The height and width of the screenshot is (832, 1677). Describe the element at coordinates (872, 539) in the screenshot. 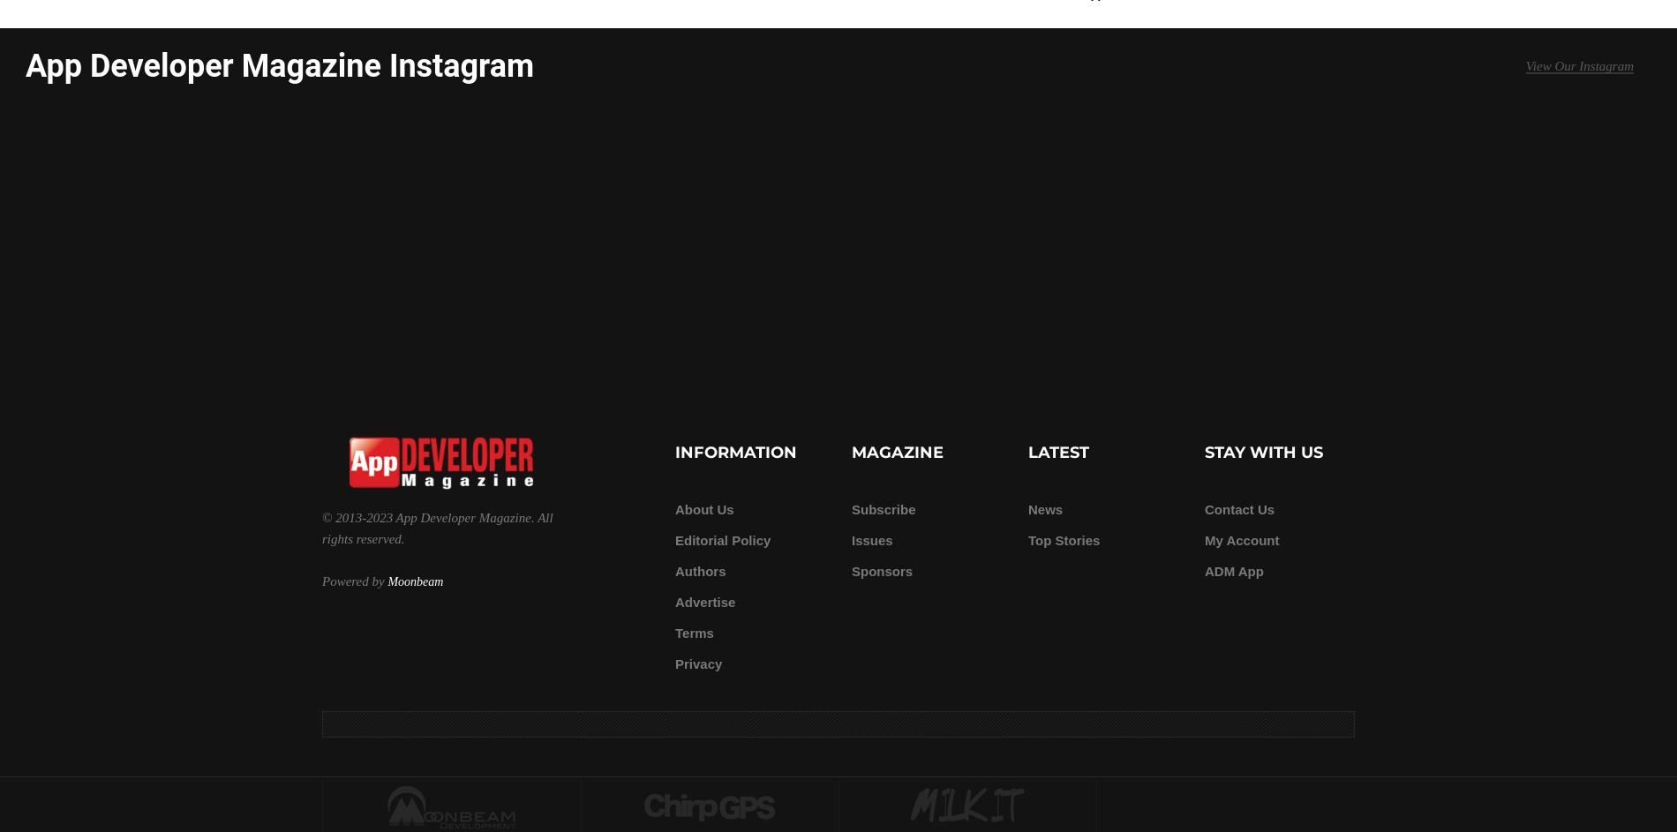

I see `'Issues'` at that location.